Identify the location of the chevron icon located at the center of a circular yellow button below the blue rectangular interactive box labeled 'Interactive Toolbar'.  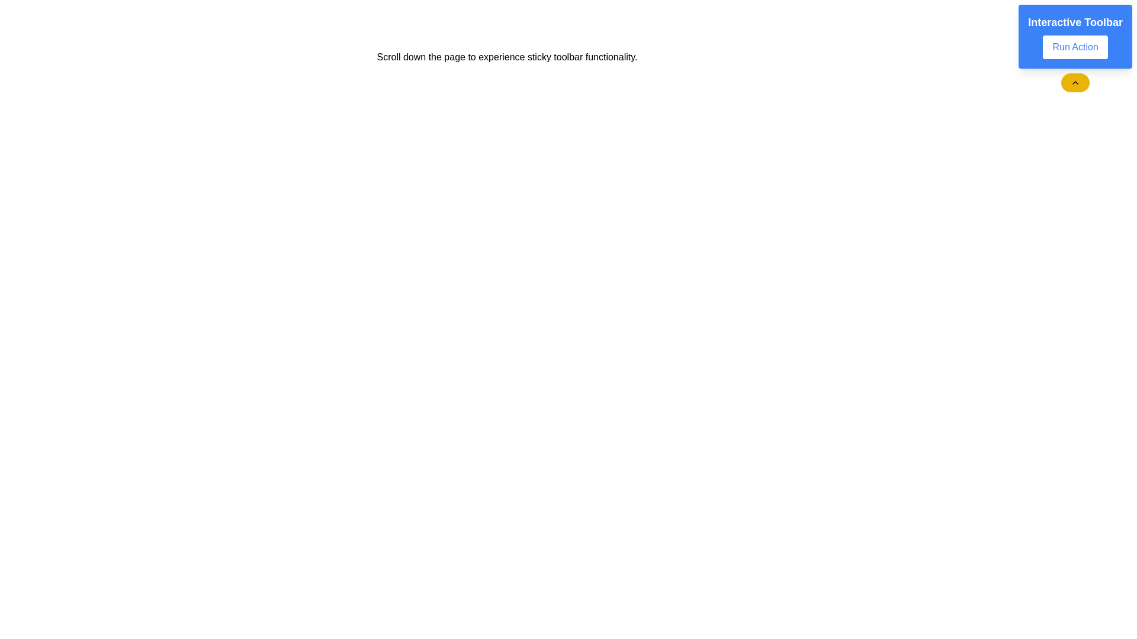
(1075, 82).